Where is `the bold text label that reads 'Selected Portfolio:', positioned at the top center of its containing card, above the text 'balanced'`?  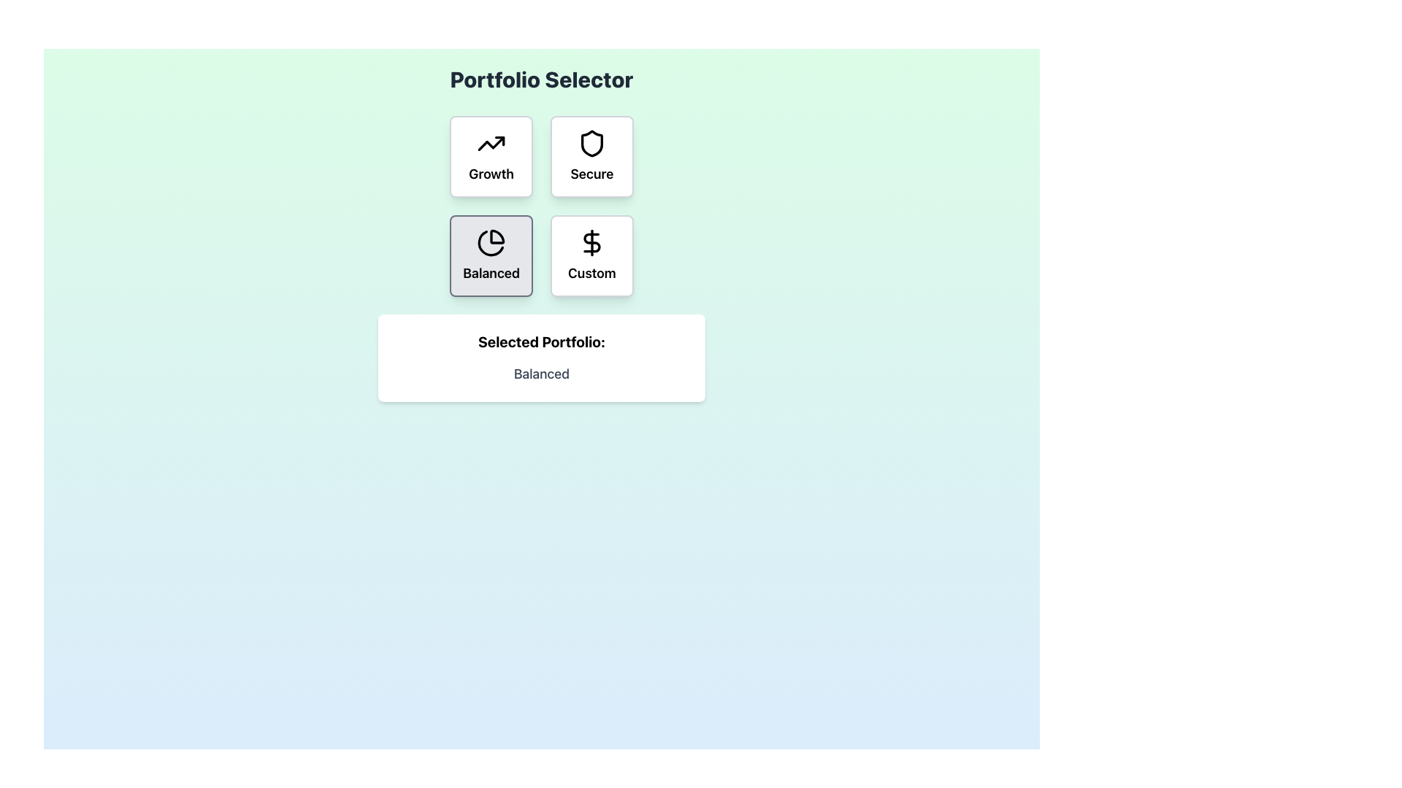 the bold text label that reads 'Selected Portfolio:', positioned at the top center of its containing card, above the text 'balanced' is located at coordinates (541, 342).